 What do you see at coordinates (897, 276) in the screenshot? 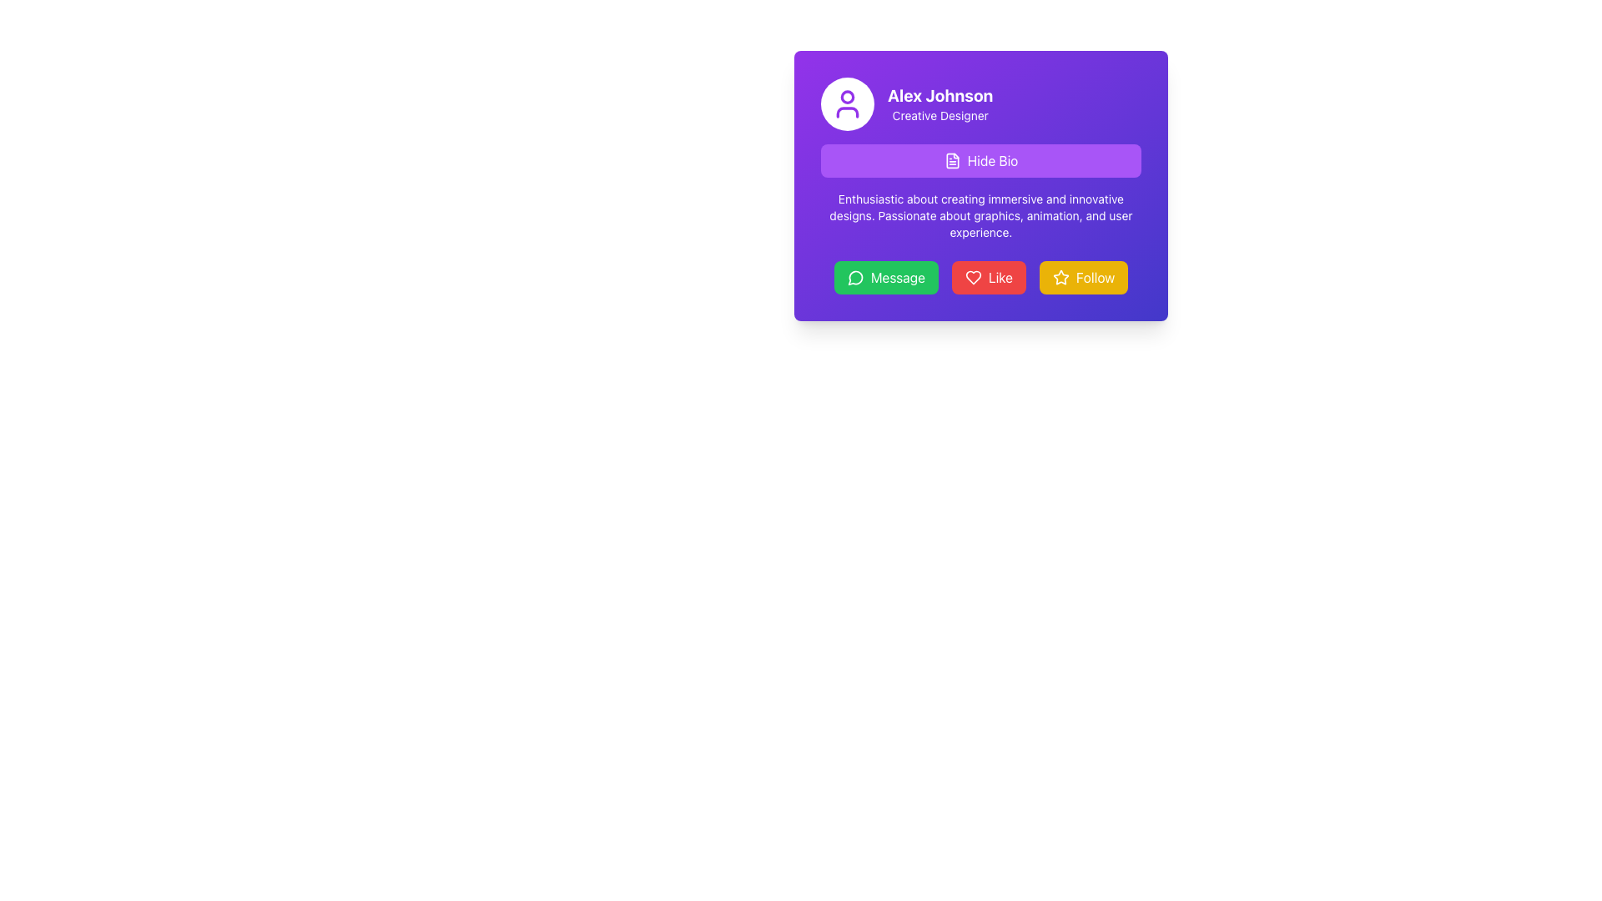
I see `text label contained within the green button located at the bottom-left corner of the card component, which initiates a message-related action` at bounding box center [897, 276].